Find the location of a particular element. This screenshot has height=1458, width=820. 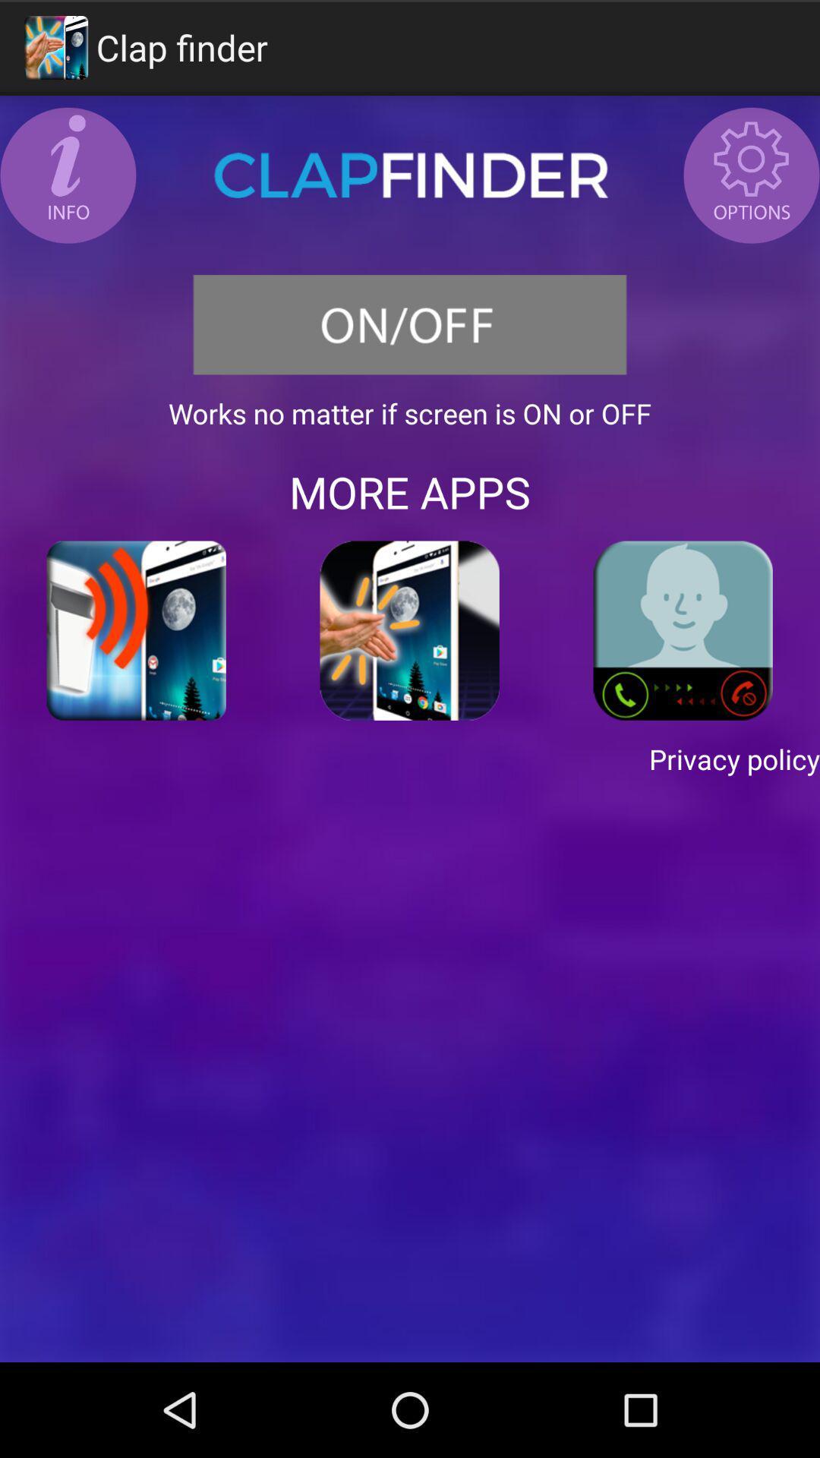

settings is located at coordinates (752, 175).